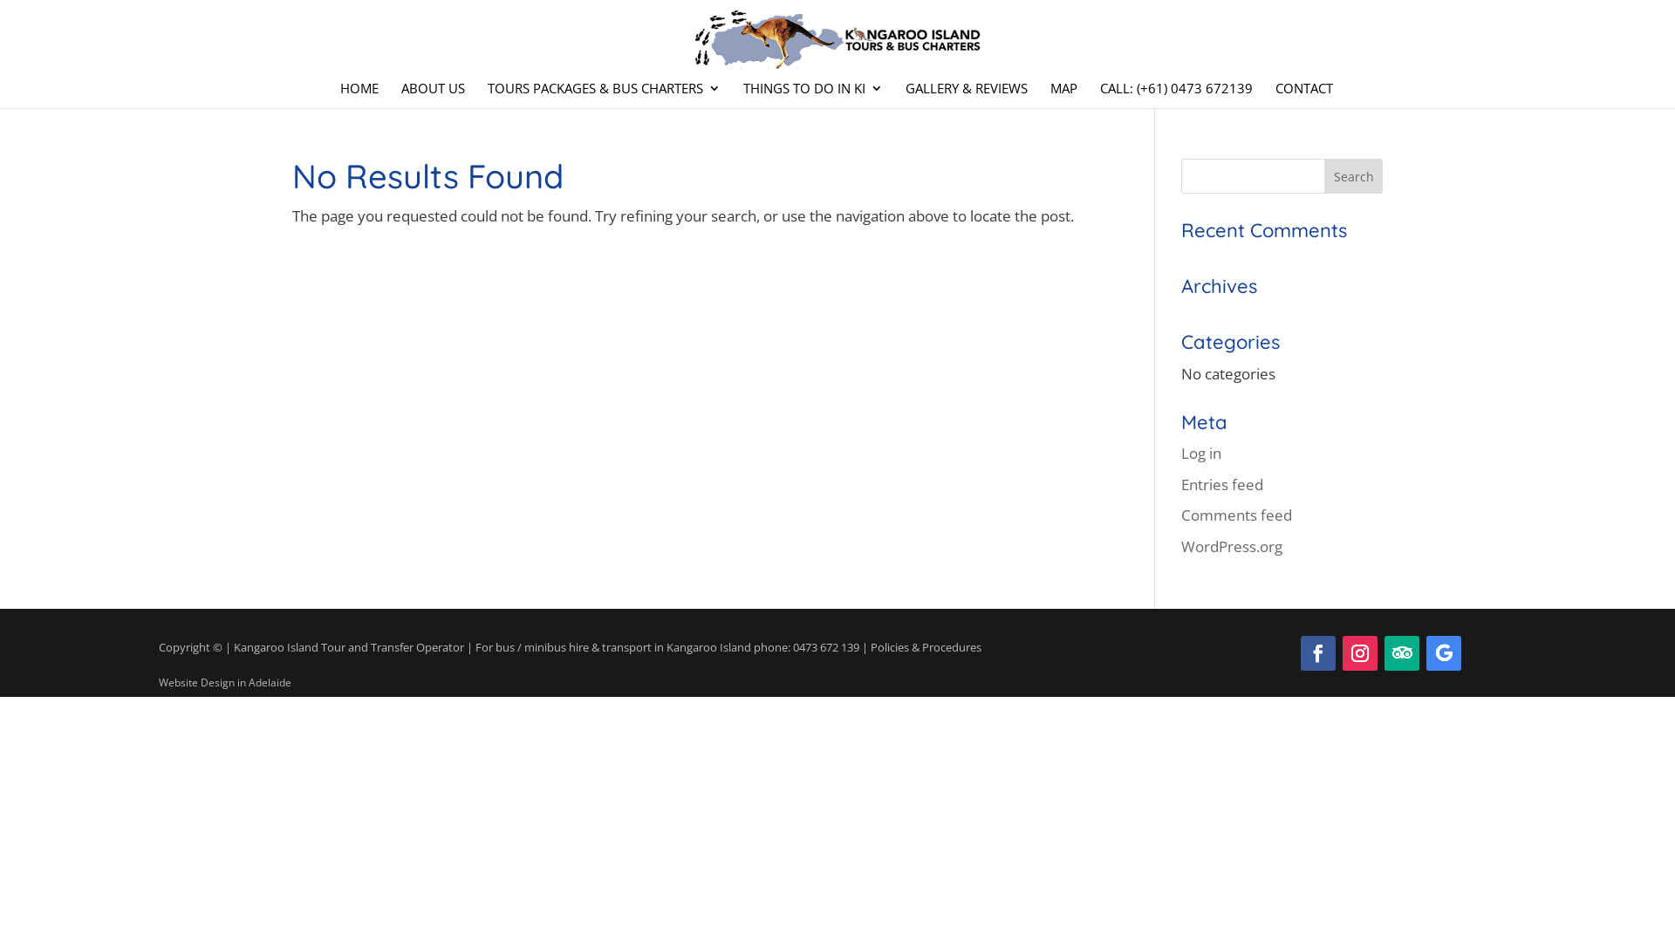 The width and height of the screenshot is (1675, 942). I want to click on 'ABOUT US', so click(433, 94).